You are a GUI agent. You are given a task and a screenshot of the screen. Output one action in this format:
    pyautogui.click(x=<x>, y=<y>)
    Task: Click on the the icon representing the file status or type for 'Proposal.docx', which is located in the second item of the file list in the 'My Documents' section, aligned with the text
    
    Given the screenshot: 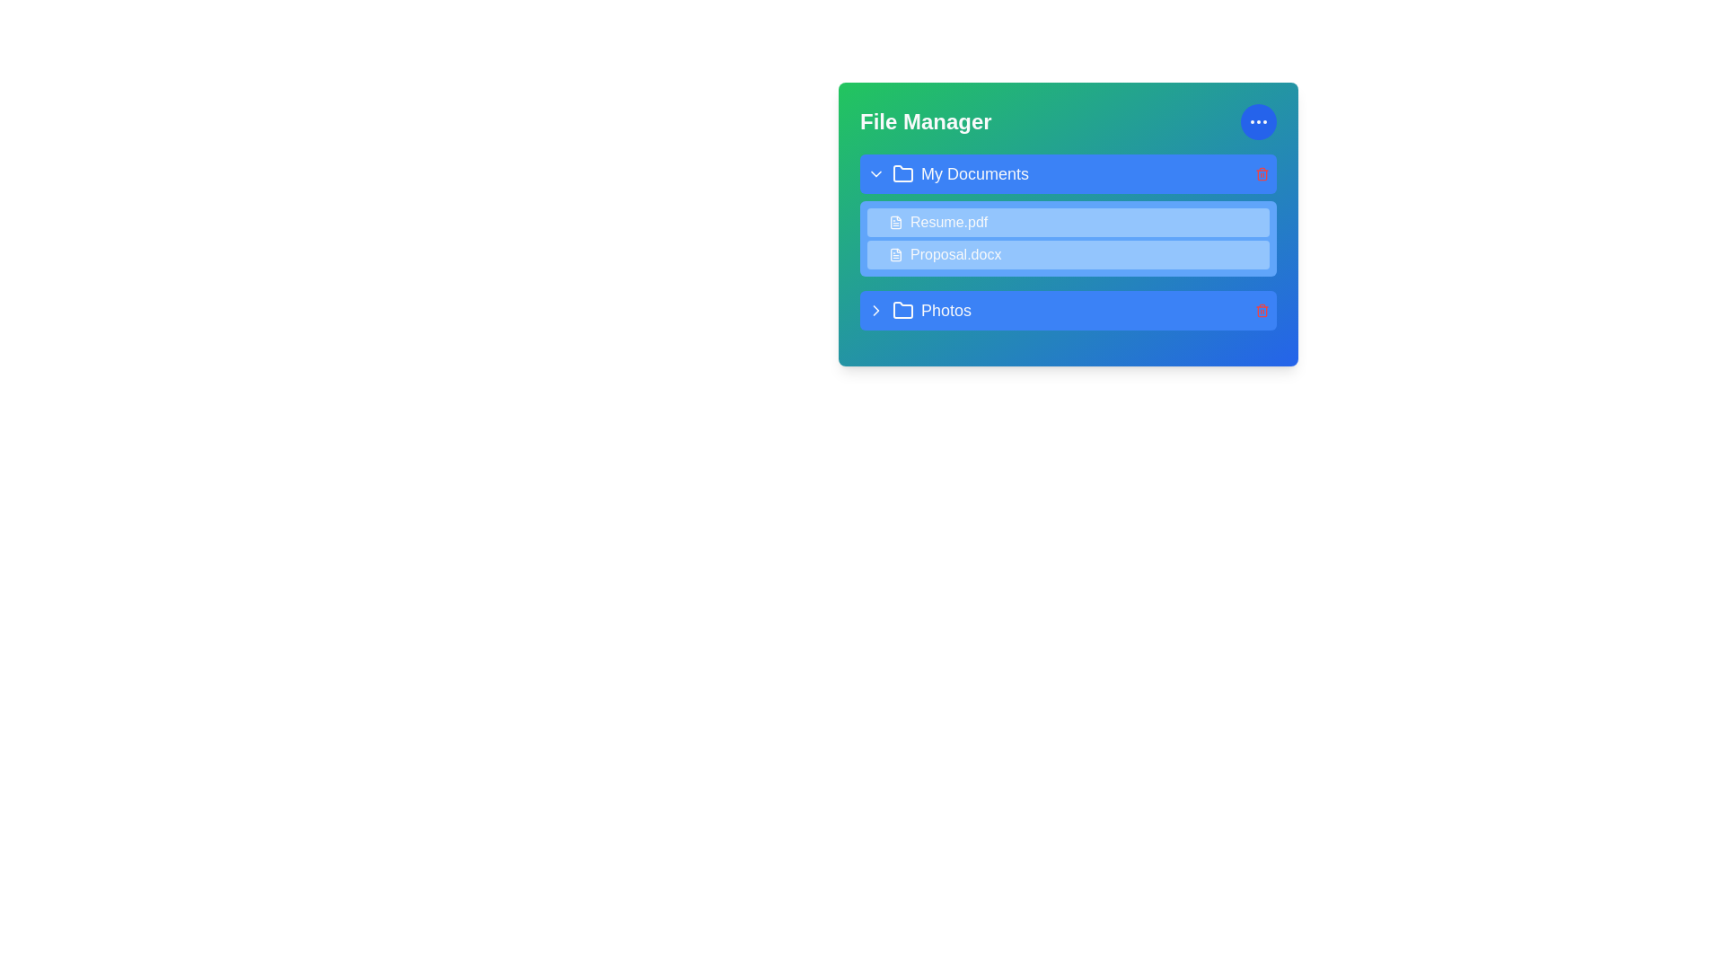 What is the action you would take?
    pyautogui.click(x=896, y=255)
    